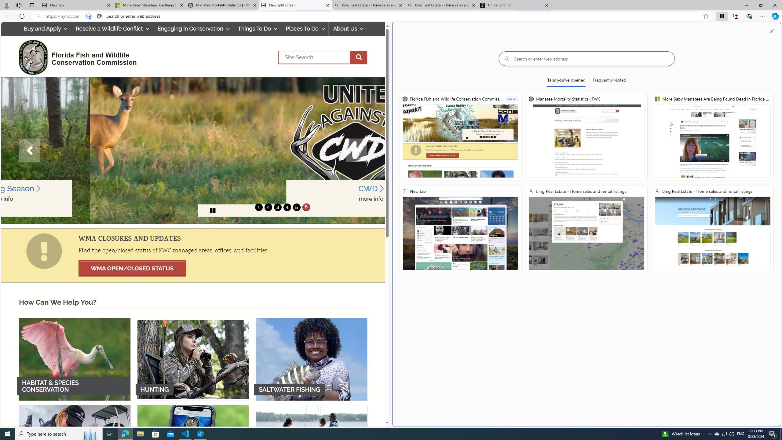  I want to click on 'Chloe Sorvino', so click(514, 5).